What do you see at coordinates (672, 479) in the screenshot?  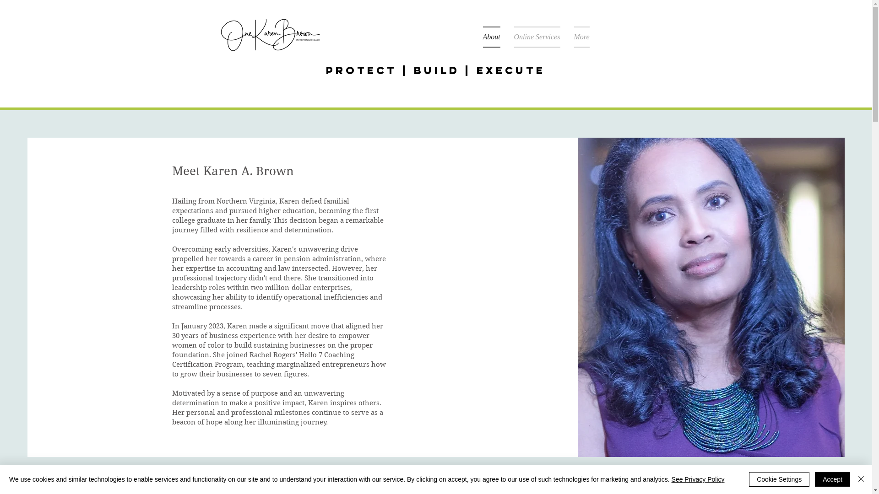 I see `'See Privacy Policy'` at bounding box center [672, 479].